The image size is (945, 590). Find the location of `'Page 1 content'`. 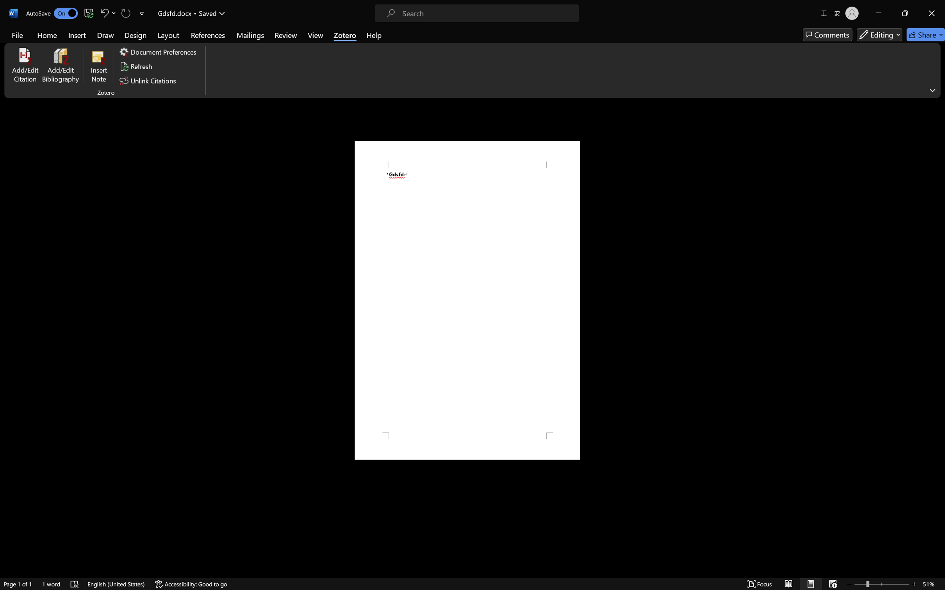

'Page 1 content' is located at coordinates (467, 300).